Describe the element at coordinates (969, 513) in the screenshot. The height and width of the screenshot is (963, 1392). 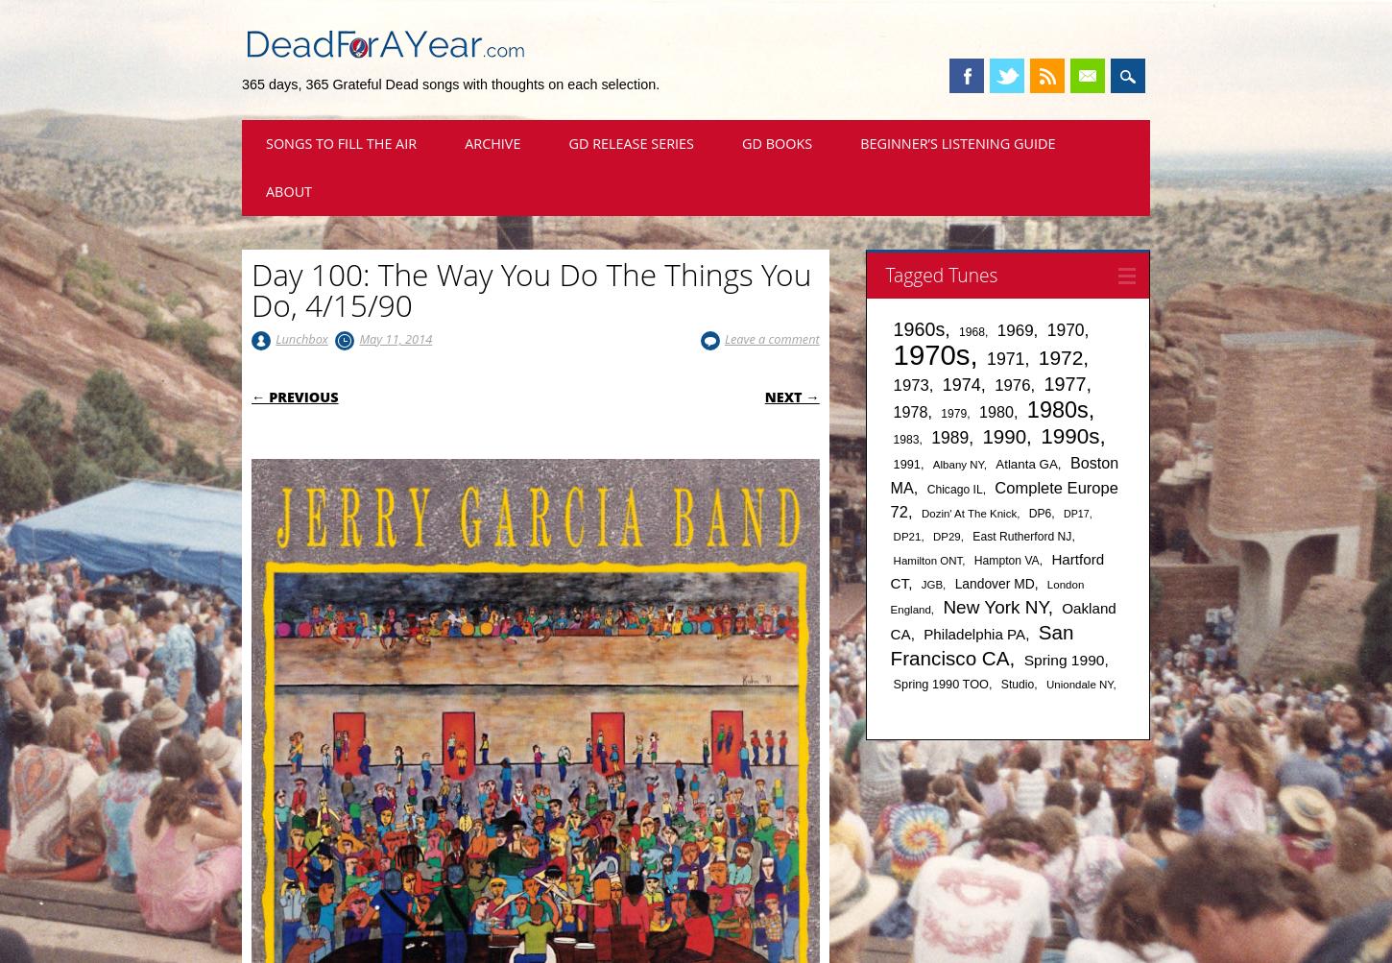
I see `'Dozin' At The Knick'` at that location.